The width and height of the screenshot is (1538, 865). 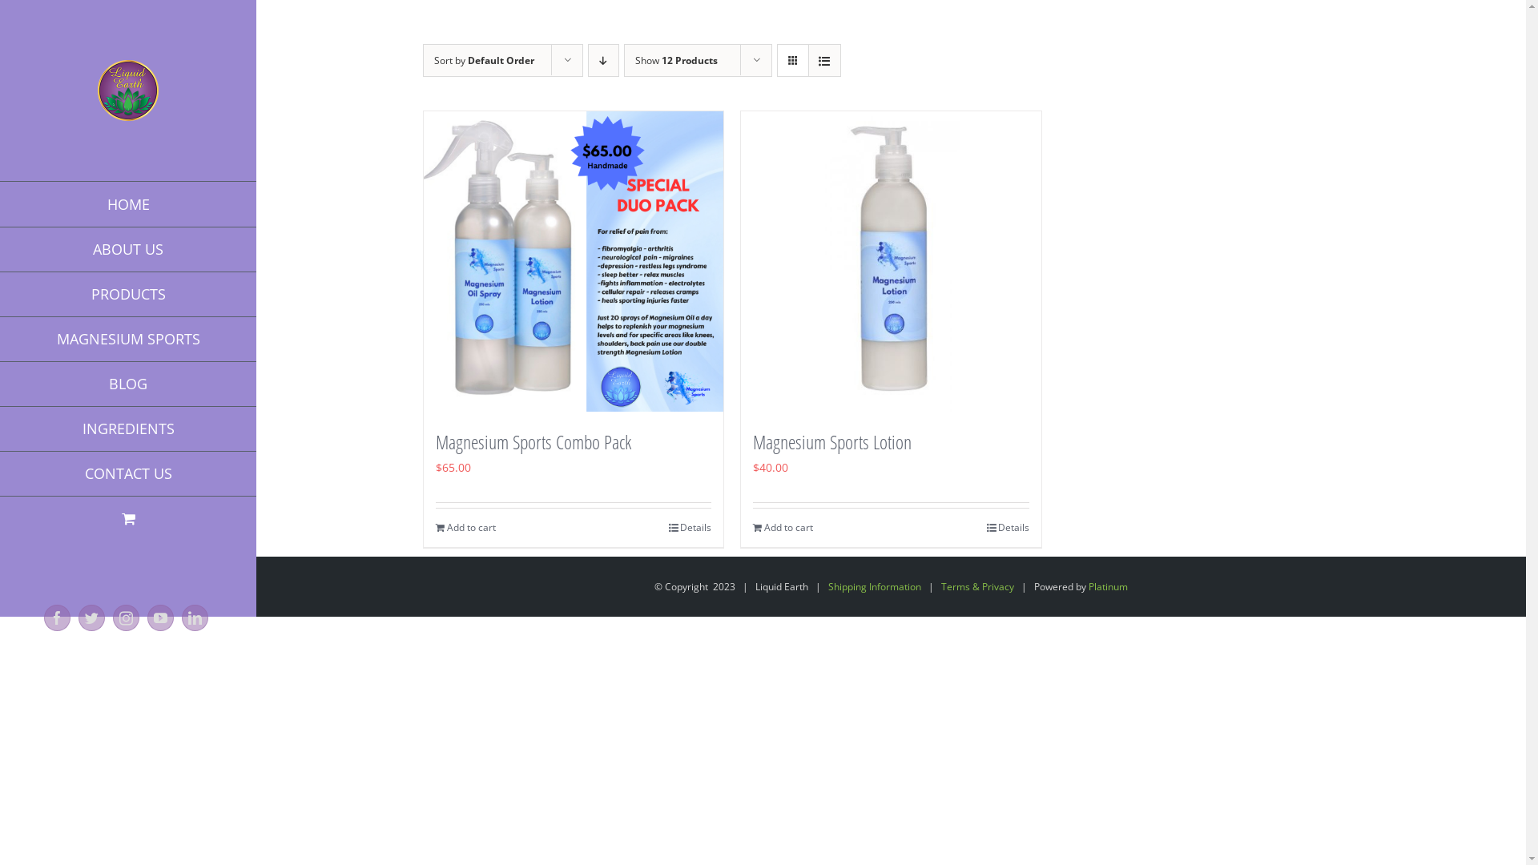 What do you see at coordinates (127, 338) in the screenshot?
I see `'MAGNESIUM SPORTS'` at bounding box center [127, 338].